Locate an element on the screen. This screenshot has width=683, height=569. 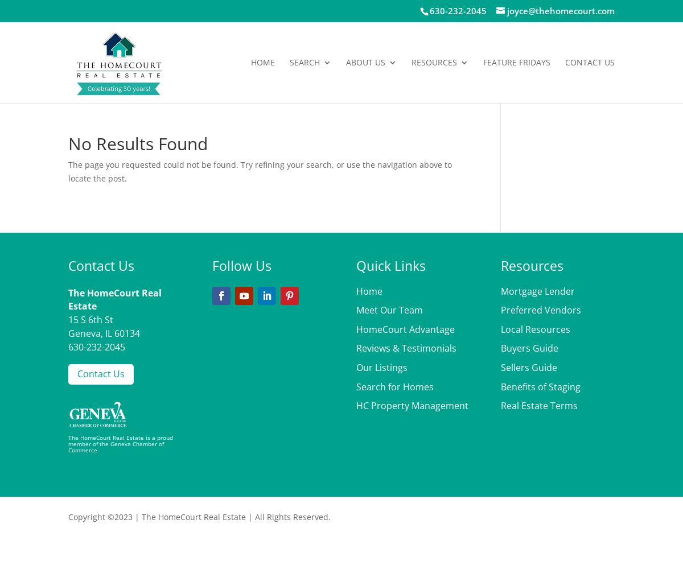
'Follow Us' is located at coordinates (242, 265).